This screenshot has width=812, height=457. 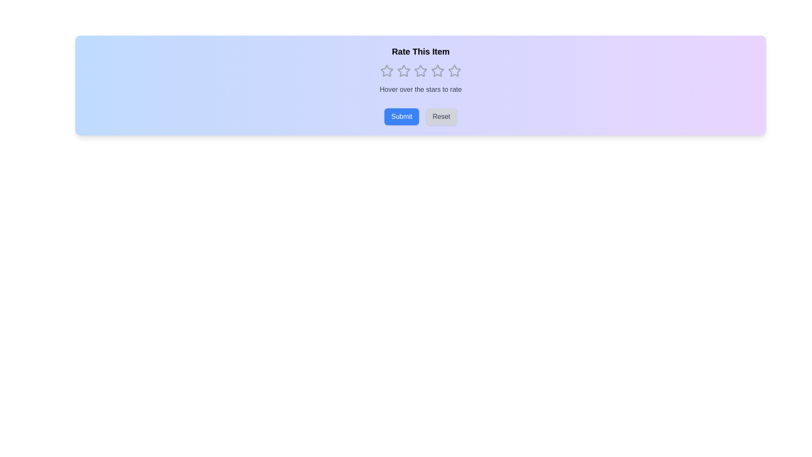 I want to click on the first star icon in the rating control system located beneath the 'Rate This Item' title, so click(x=386, y=70).